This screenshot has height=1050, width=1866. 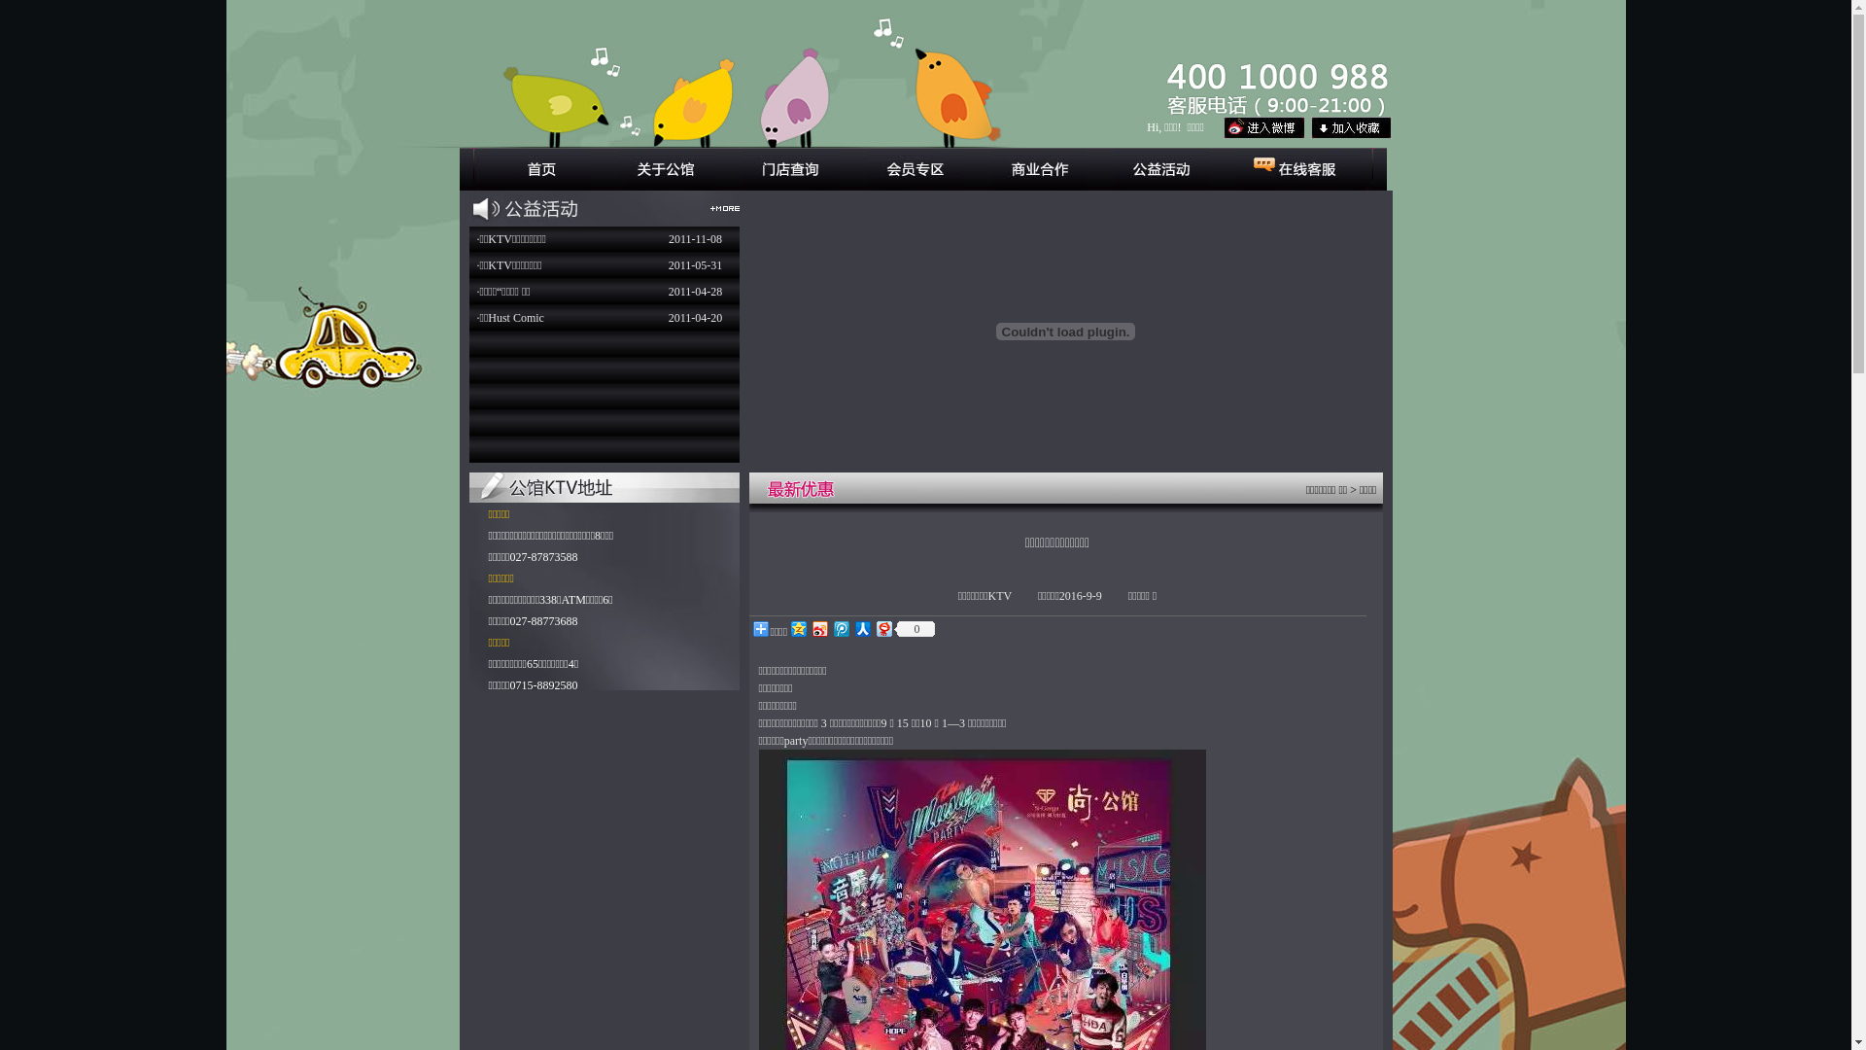 I want to click on '0', so click(x=893, y=629).